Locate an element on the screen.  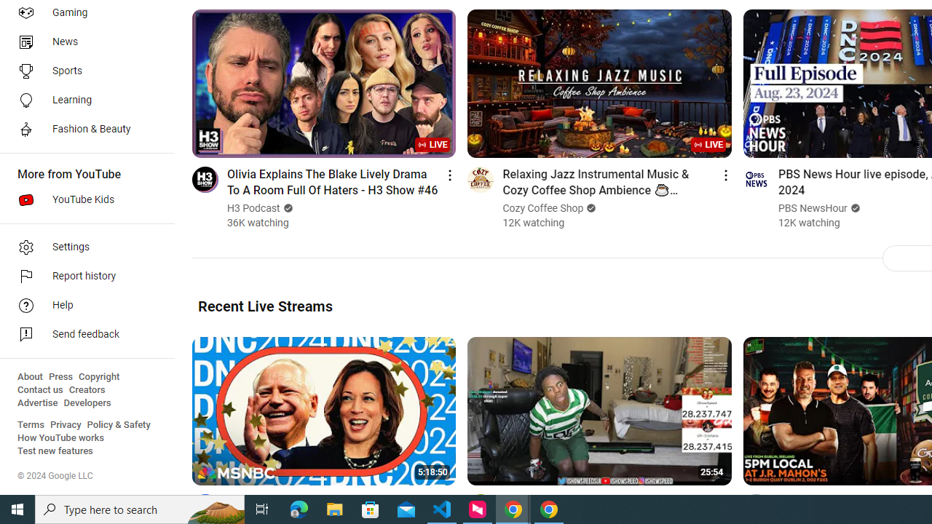
'H3 Podcast' is located at coordinates (254, 208).